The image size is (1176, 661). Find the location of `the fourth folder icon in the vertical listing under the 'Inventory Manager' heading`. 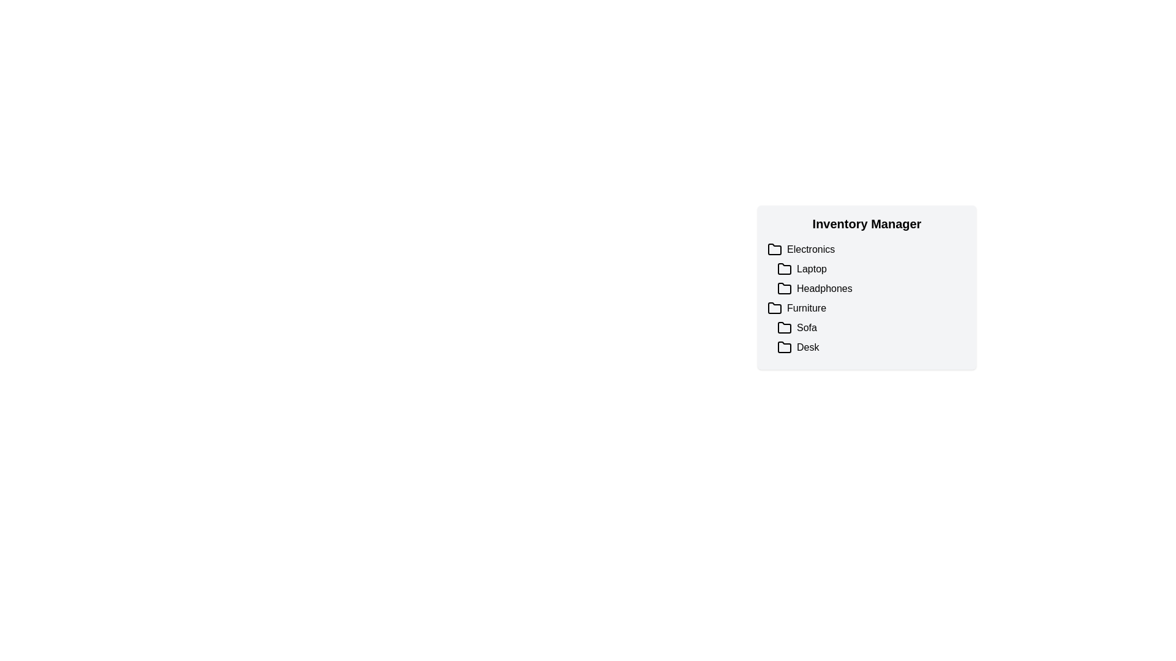

the fourth folder icon in the vertical listing under the 'Inventory Manager' heading is located at coordinates (774, 307).